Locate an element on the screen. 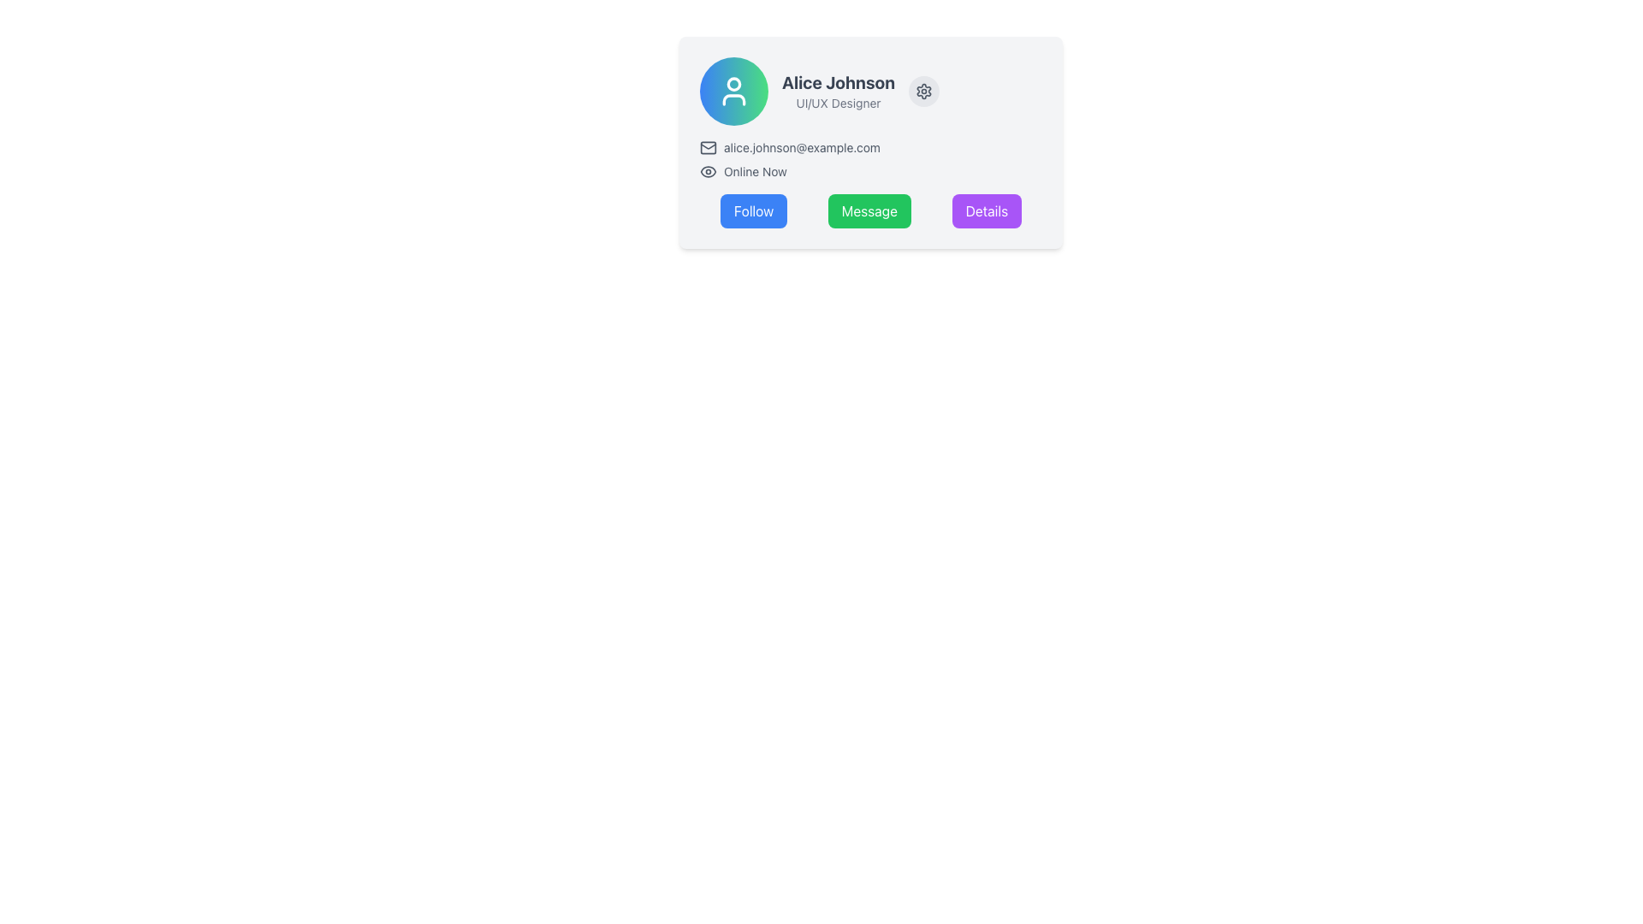 This screenshot has width=1643, height=924. the settings icon button located at the top right of Alice Johnson's profile card to change its background color is located at coordinates (923, 92).